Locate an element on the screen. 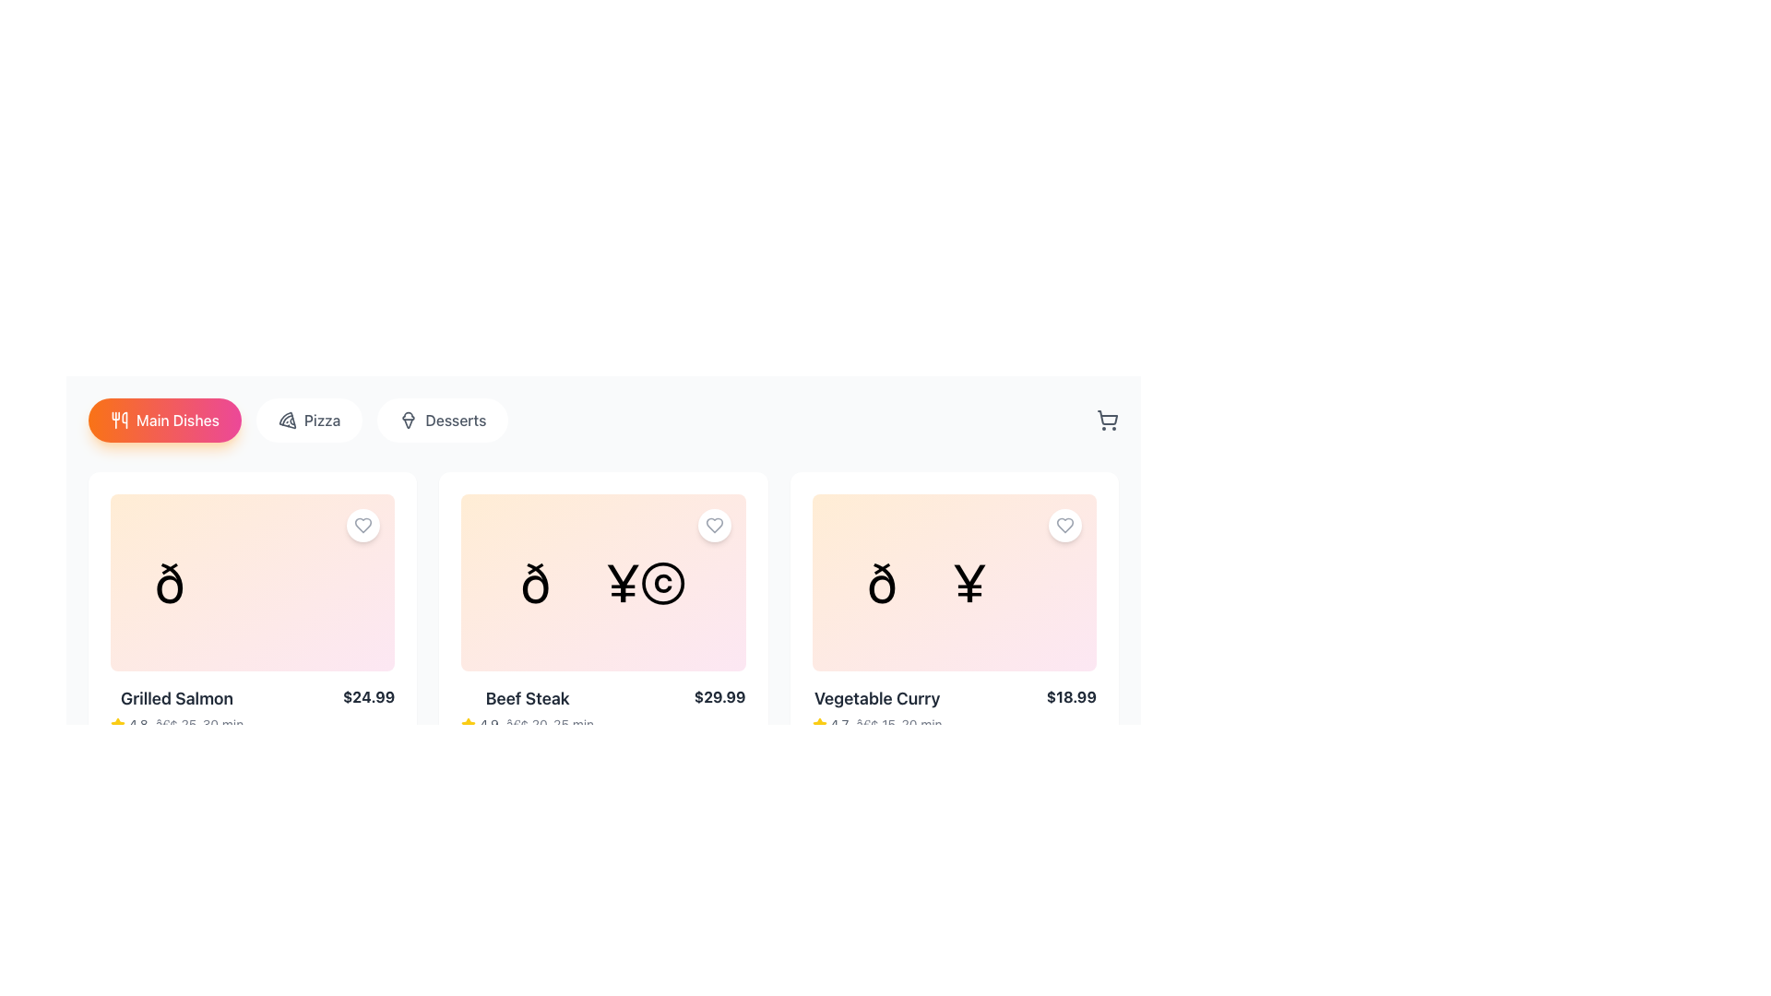 This screenshot has height=996, width=1771. the 'Pizza' text label in the category selection interface is located at coordinates (322, 420).